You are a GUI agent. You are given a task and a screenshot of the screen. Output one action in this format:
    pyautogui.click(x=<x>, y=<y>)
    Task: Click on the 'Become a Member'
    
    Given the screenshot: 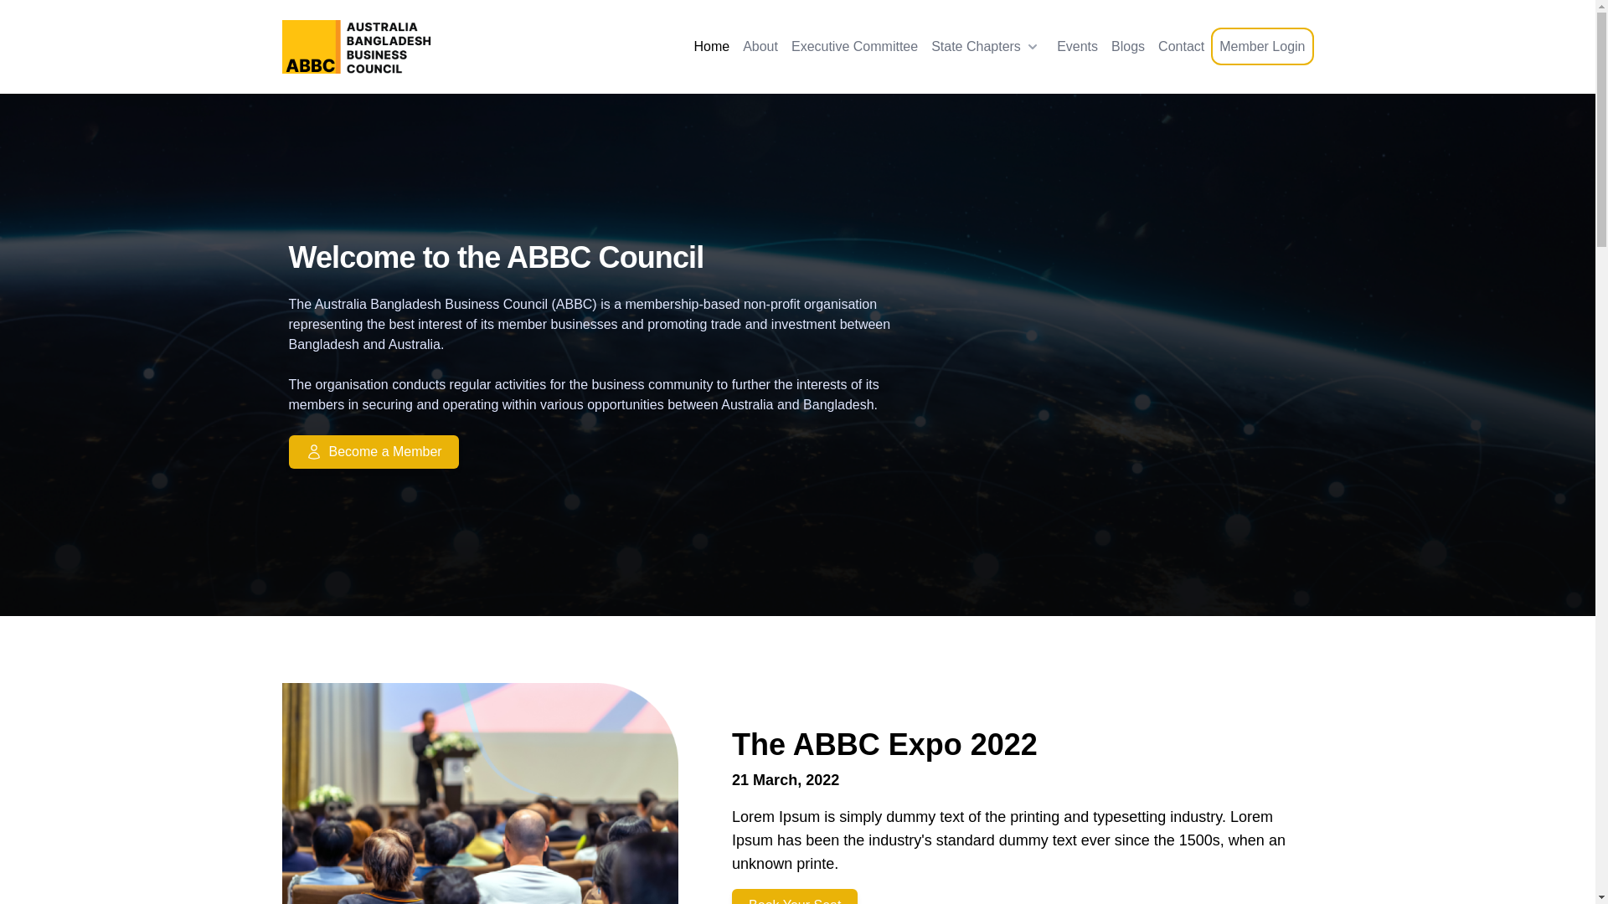 What is the action you would take?
    pyautogui.click(x=609, y=452)
    